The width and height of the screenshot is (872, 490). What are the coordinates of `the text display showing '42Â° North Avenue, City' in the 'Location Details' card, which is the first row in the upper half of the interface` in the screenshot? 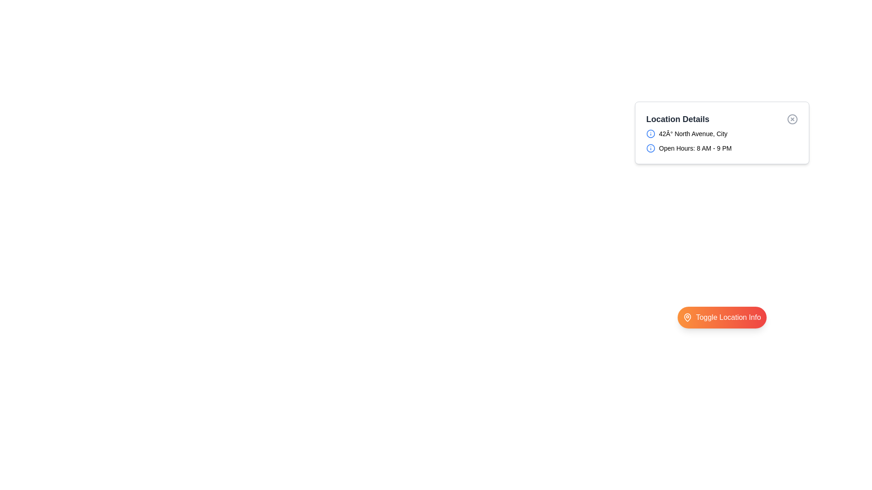 It's located at (721, 133).